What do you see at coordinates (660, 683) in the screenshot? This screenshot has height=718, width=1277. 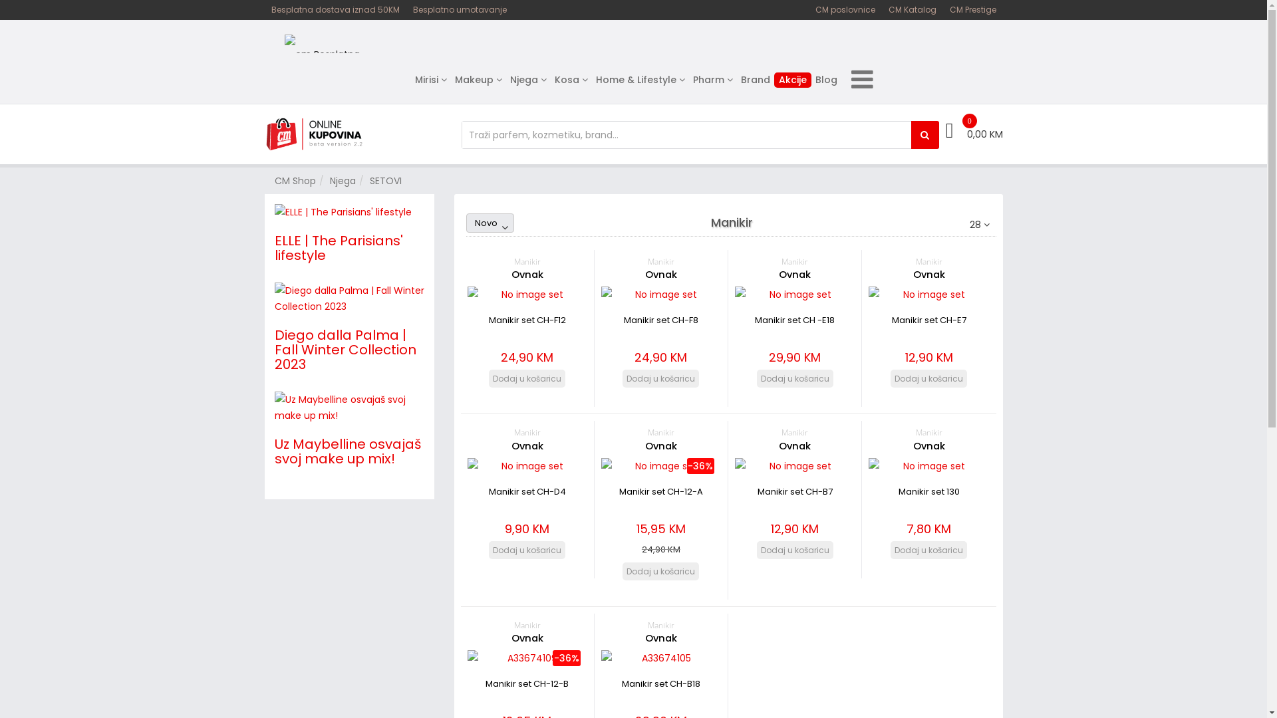 I see `'Manikir set CH-B18'` at bounding box center [660, 683].